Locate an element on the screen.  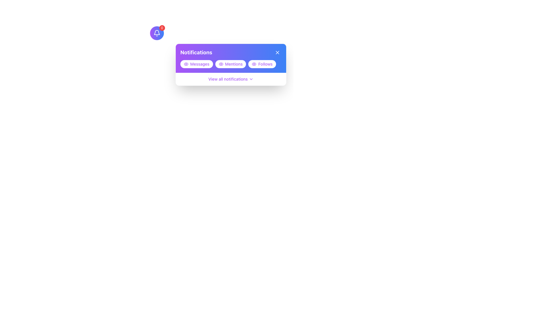
information displayed in the header area of the notification dropdown, which includes the main title and quick links for filtering notifications is located at coordinates (230, 58).